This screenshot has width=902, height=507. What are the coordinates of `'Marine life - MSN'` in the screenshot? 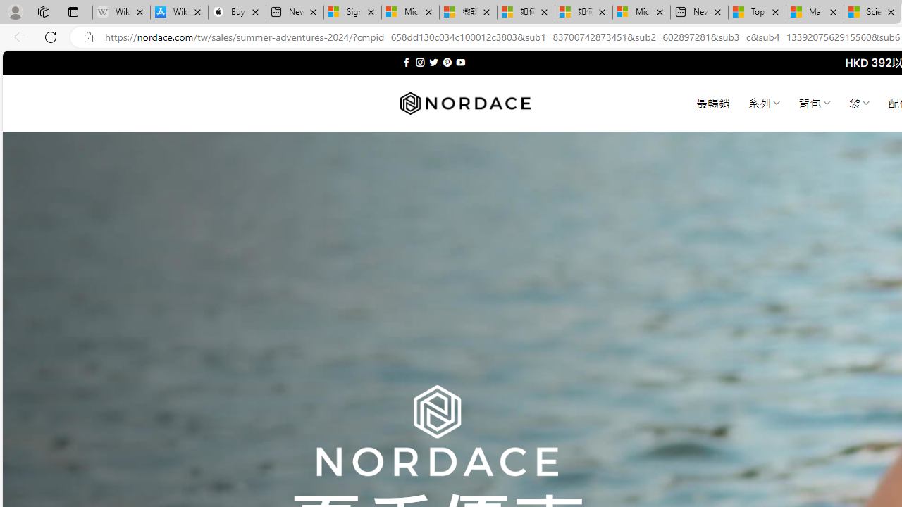 It's located at (815, 12).